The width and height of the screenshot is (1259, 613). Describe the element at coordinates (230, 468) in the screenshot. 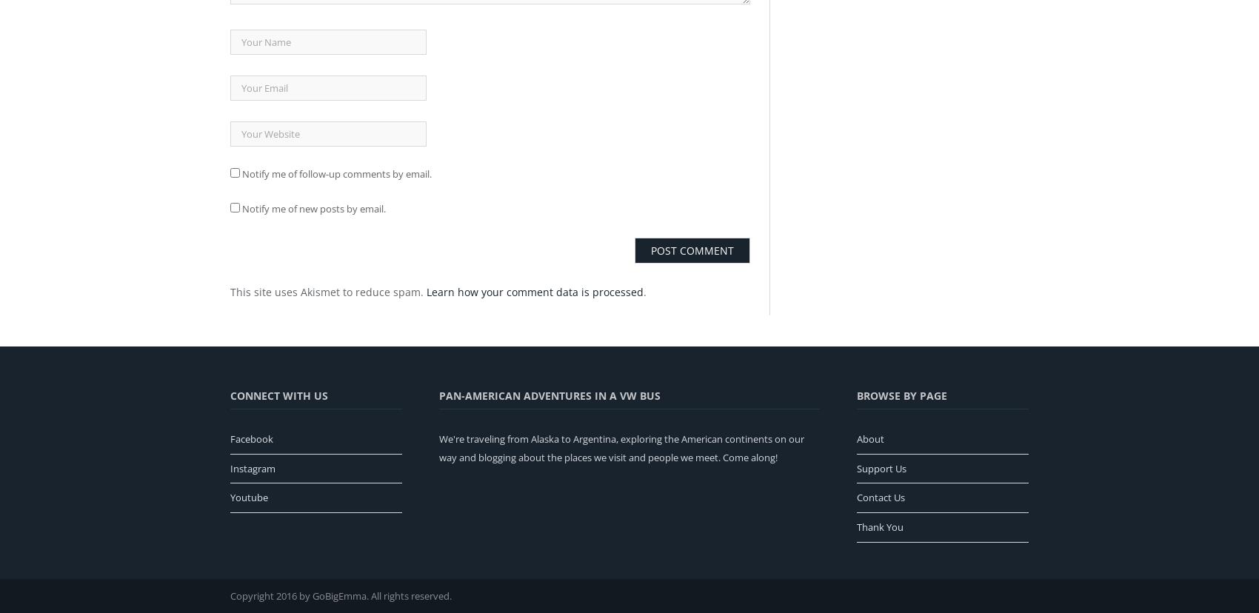

I see `'Instagram'` at that location.